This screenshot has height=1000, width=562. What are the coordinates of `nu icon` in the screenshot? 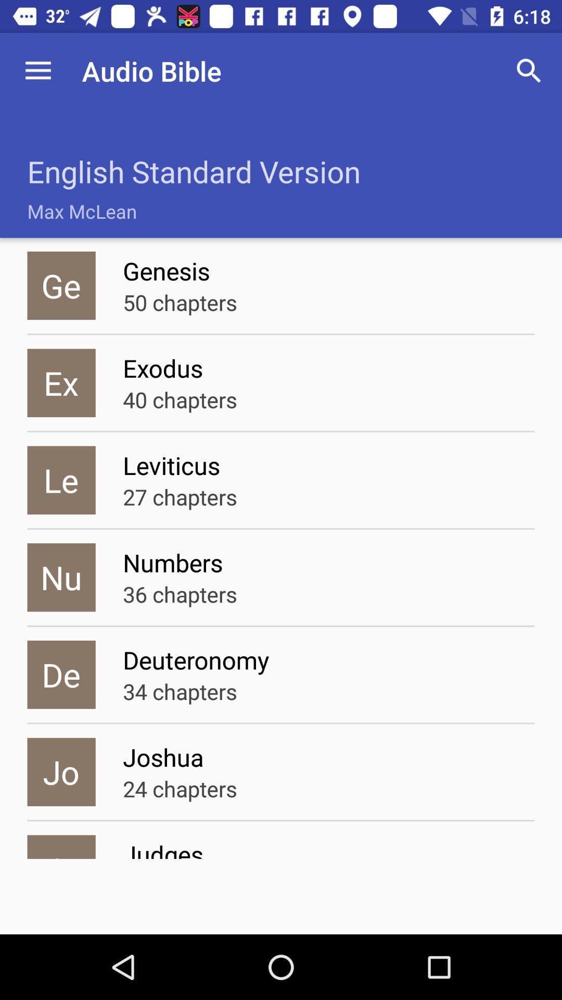 It's located at (61, 577).